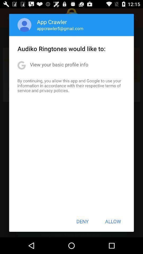 The height and width of the screenshot is (254, 143). What do you see at coordinates (52, 22) in the screenshot?
I see `the item above appcrawler5@gmail.com` at bounding box center [52, 22].